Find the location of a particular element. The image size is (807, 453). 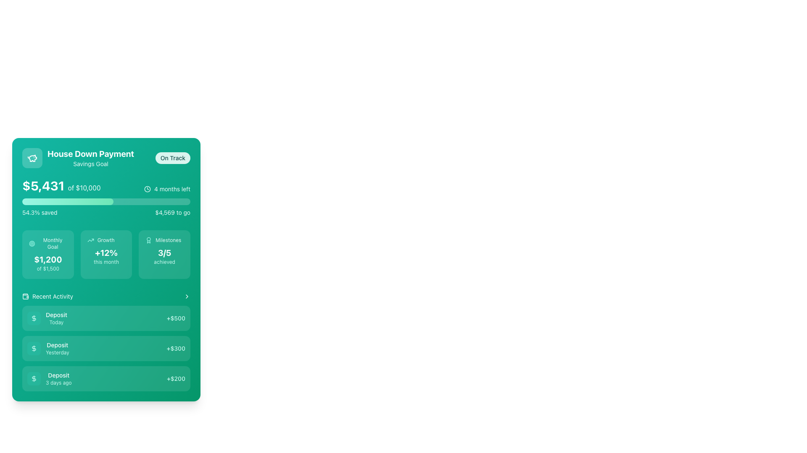

the 'Deposit' text label in the 'Recent Activity' section, which is the first item in the list and features white bold text against a green background is located at coordinates (56, 318).